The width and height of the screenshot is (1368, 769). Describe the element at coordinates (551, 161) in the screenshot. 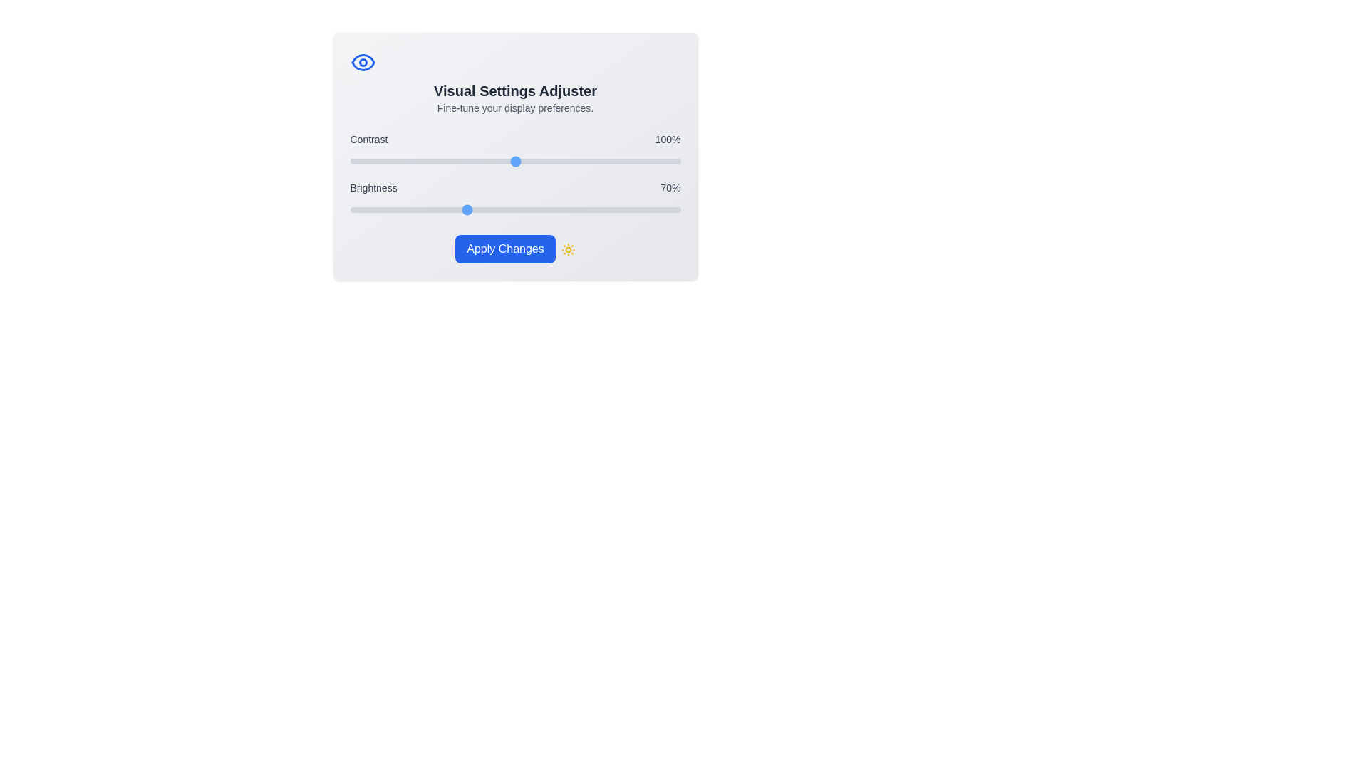

I see `the 'Contrast' slider to 122% by dragging the slider to the corresponding position` at that location.